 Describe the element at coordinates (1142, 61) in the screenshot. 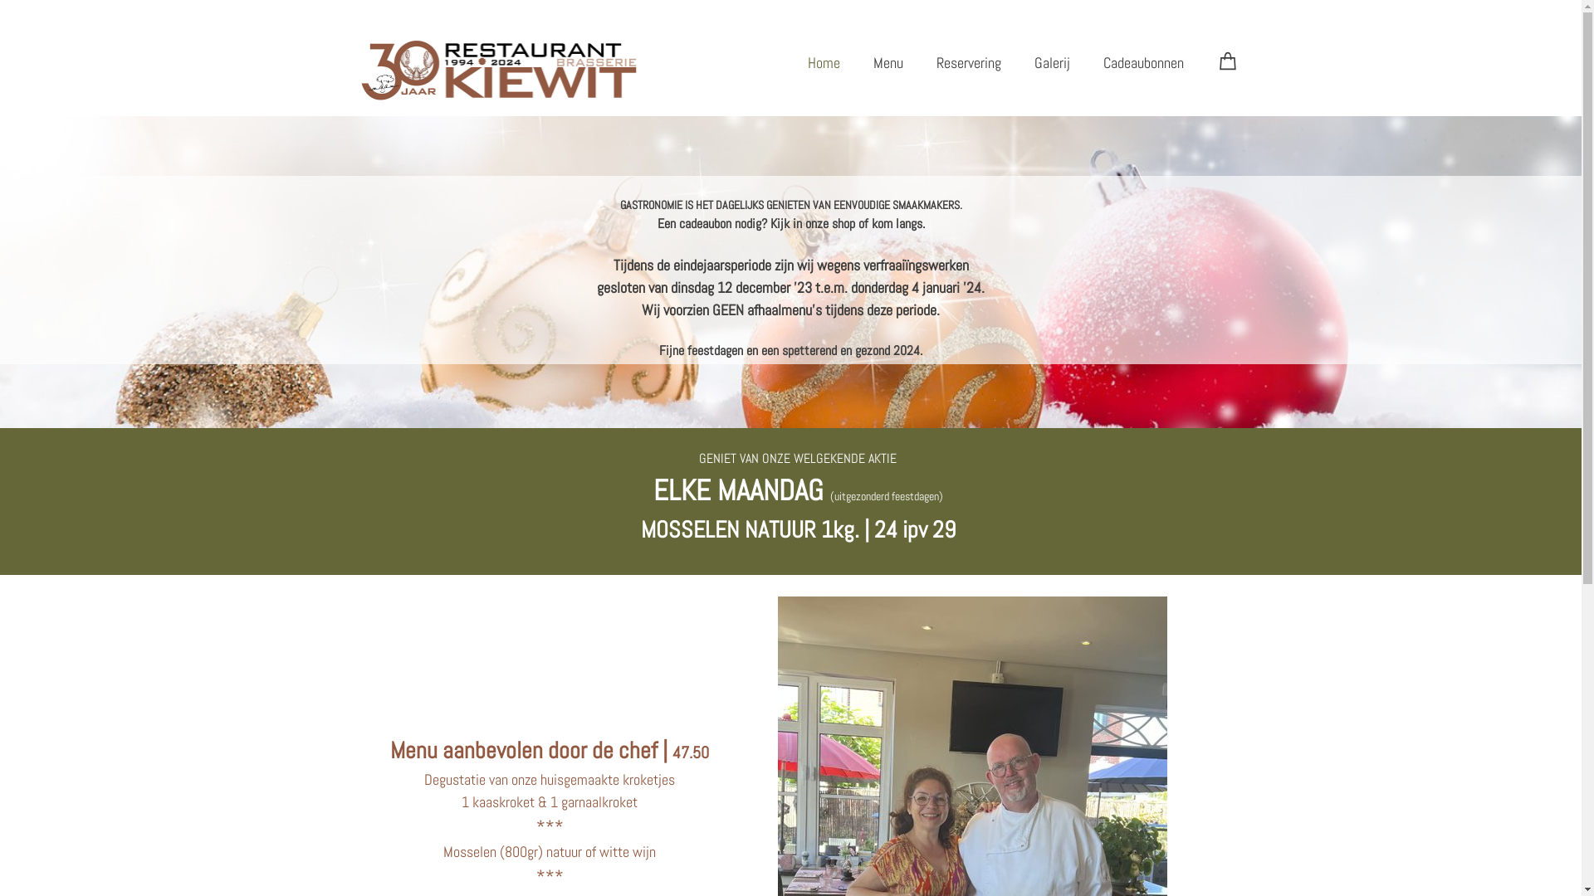

I see `'Cadeaubonnen'` at that location.